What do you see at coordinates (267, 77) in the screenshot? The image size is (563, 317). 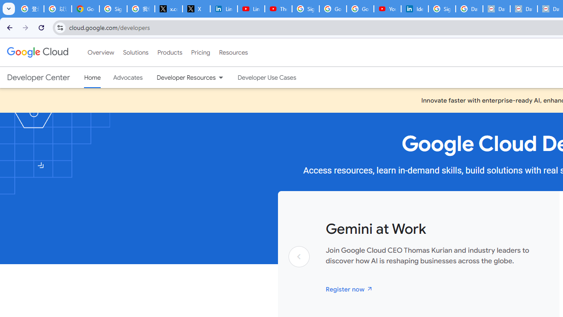 I see `'Developer Use Cases'` at bounding box center [267, 77].